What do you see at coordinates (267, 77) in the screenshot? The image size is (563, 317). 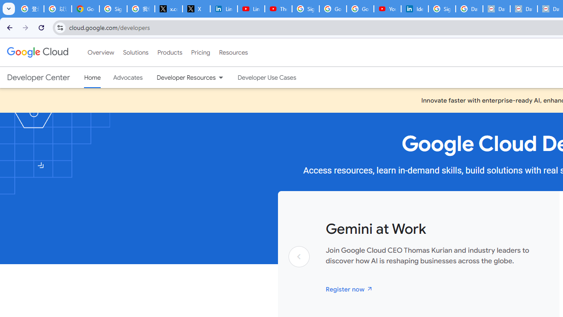 I see `'Developer Use Cases'` at bounding box center [267, 77].